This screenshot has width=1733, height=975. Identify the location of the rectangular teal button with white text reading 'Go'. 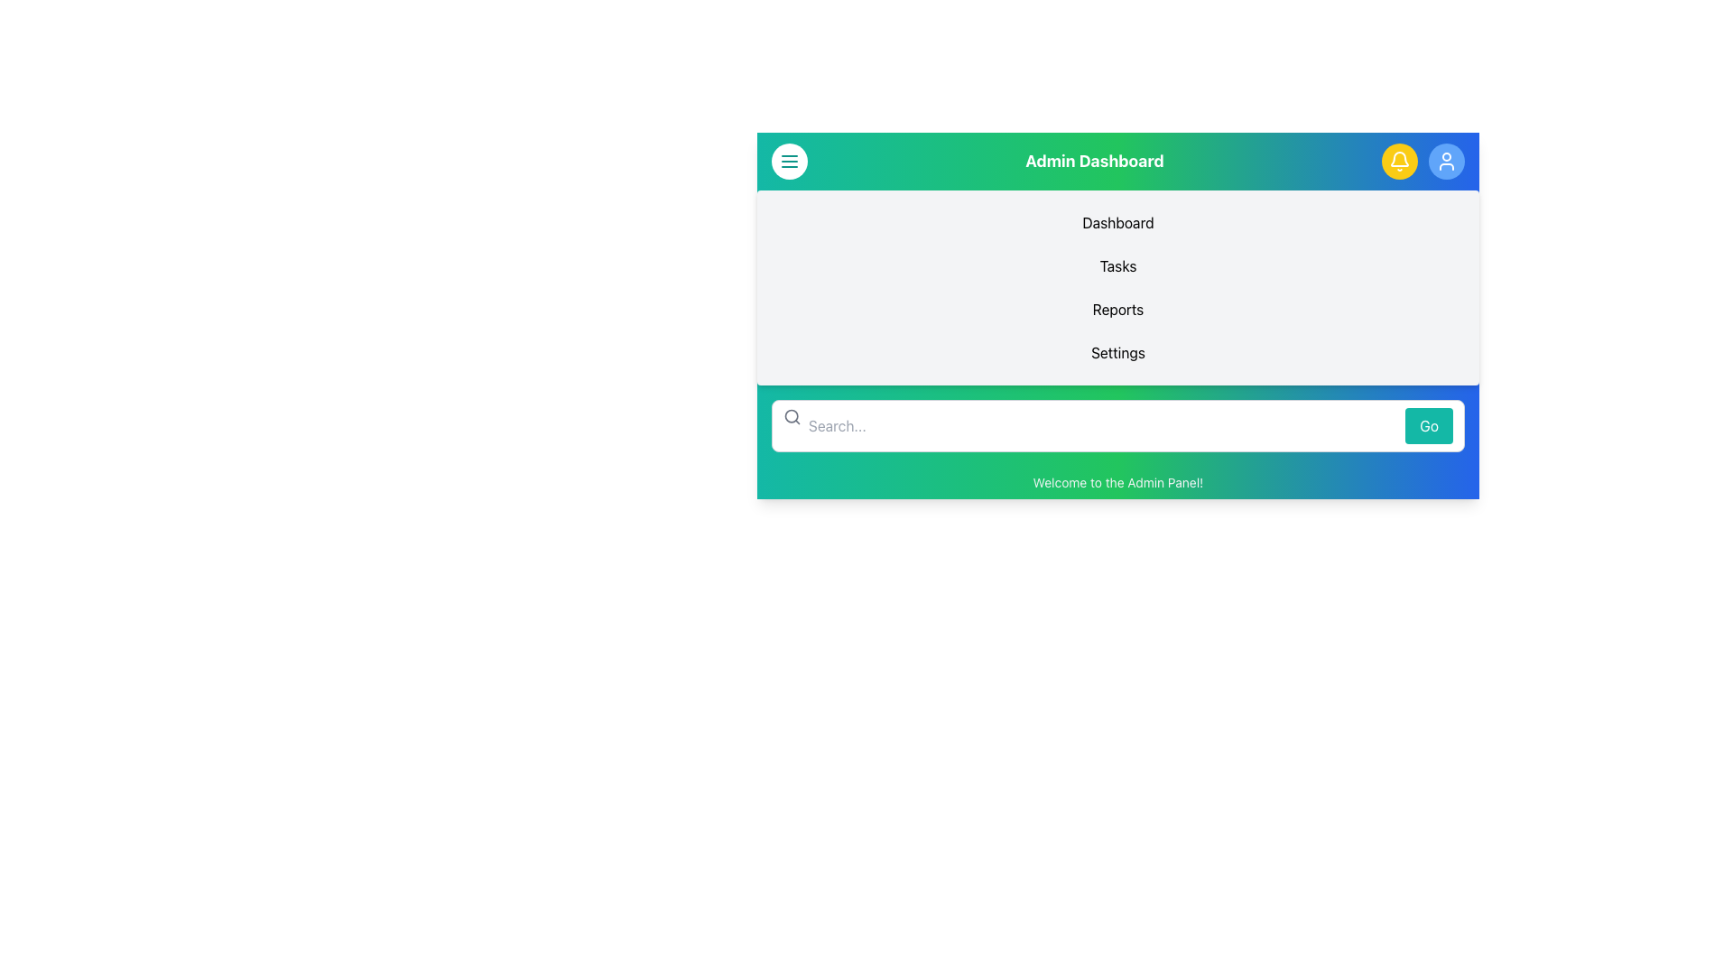
(1428, 425).